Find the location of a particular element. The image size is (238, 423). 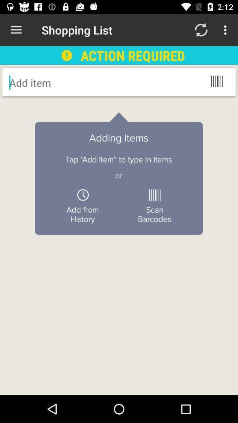

search bar is located at coordinates (80, 82).